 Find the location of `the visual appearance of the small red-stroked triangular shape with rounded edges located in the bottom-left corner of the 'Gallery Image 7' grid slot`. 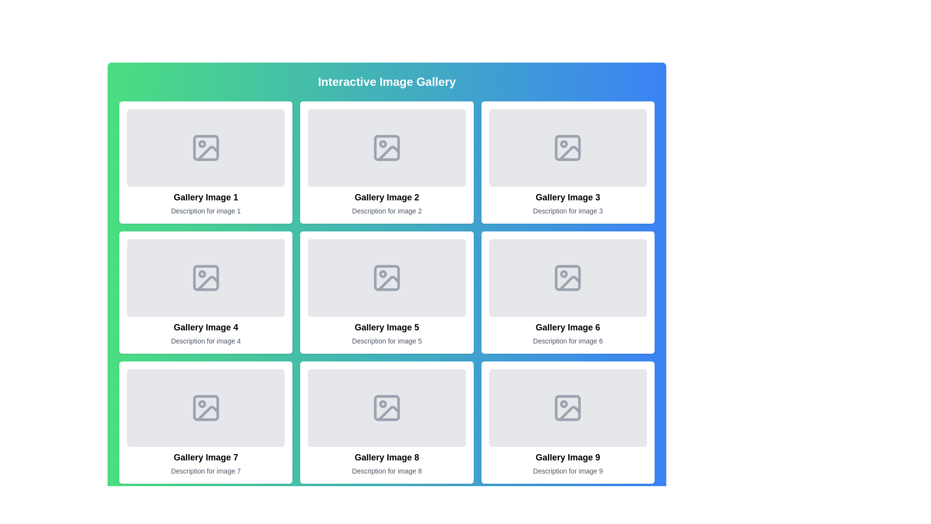

the visual appearance of the small red-stroked triangular shape with rounded edges located in the bottom-left corner of the 'Gallery Image 7' grid slot is located at coordinates (207, 413).